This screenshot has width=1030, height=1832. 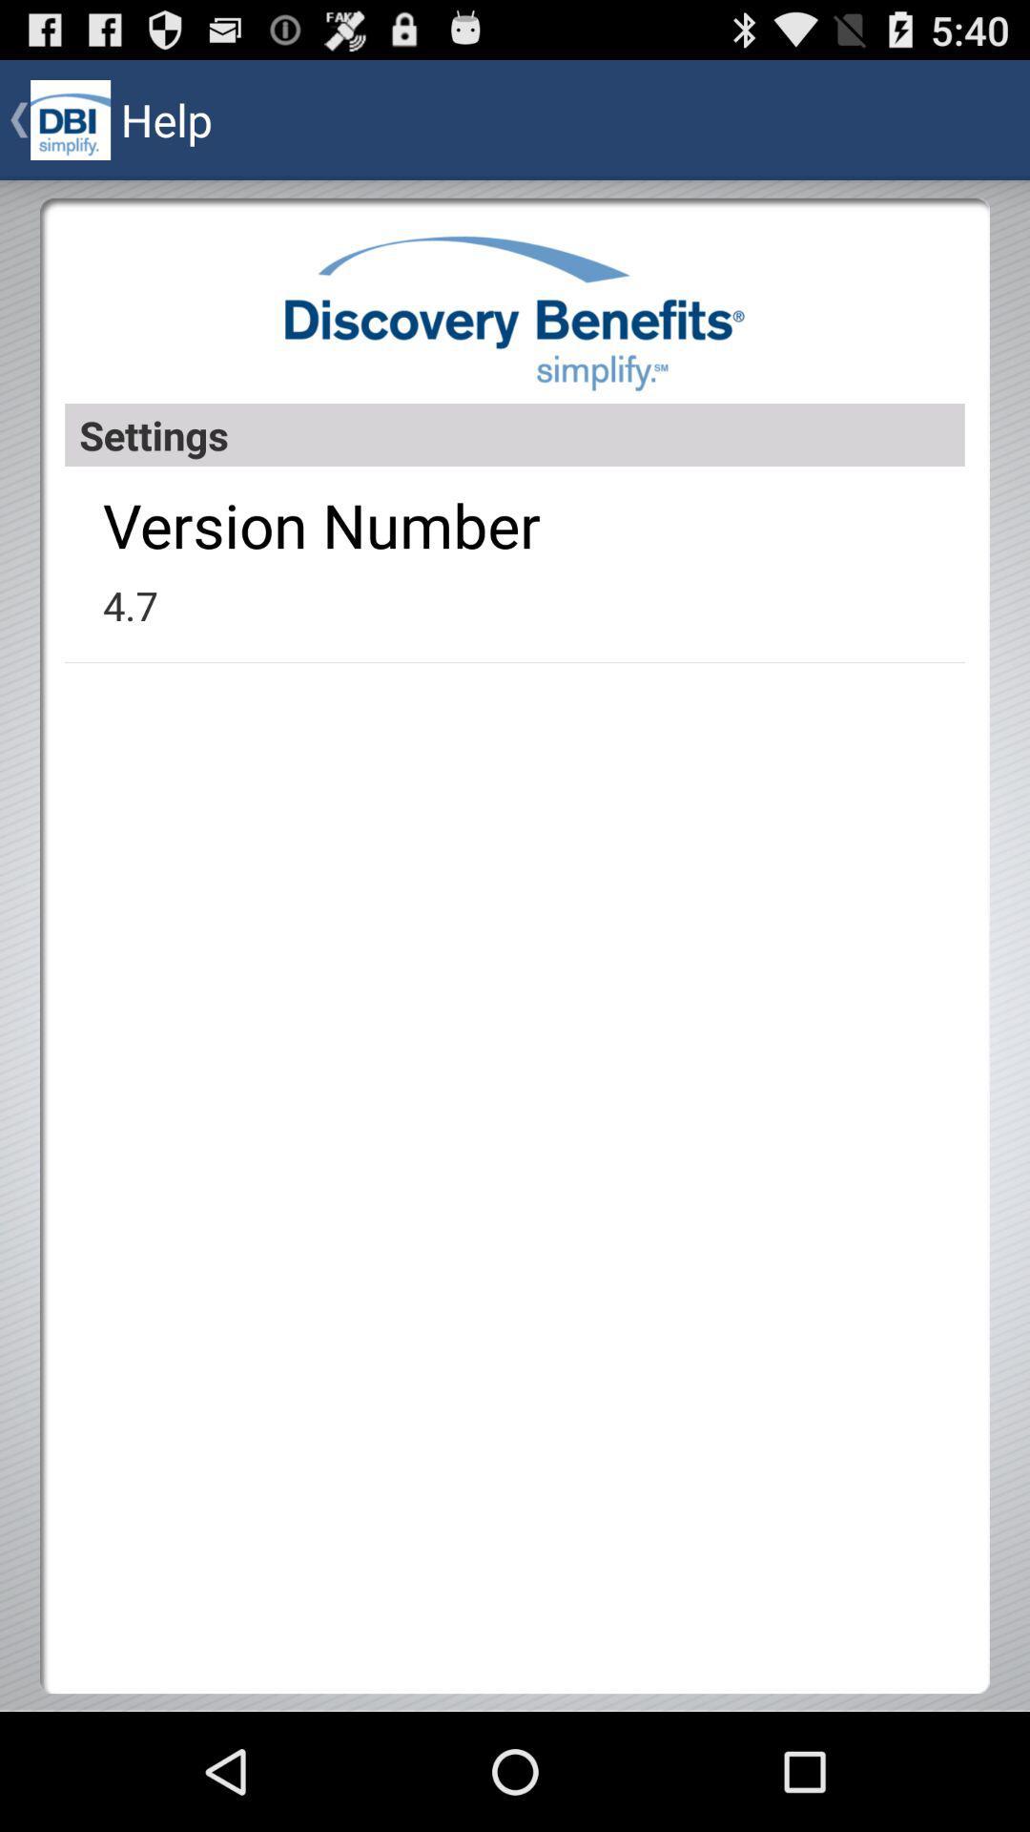 What do you see at coordinates (320, 525) in the screenshot?
I see `the icon above 4.7 app` at bounding box center [320, 525].